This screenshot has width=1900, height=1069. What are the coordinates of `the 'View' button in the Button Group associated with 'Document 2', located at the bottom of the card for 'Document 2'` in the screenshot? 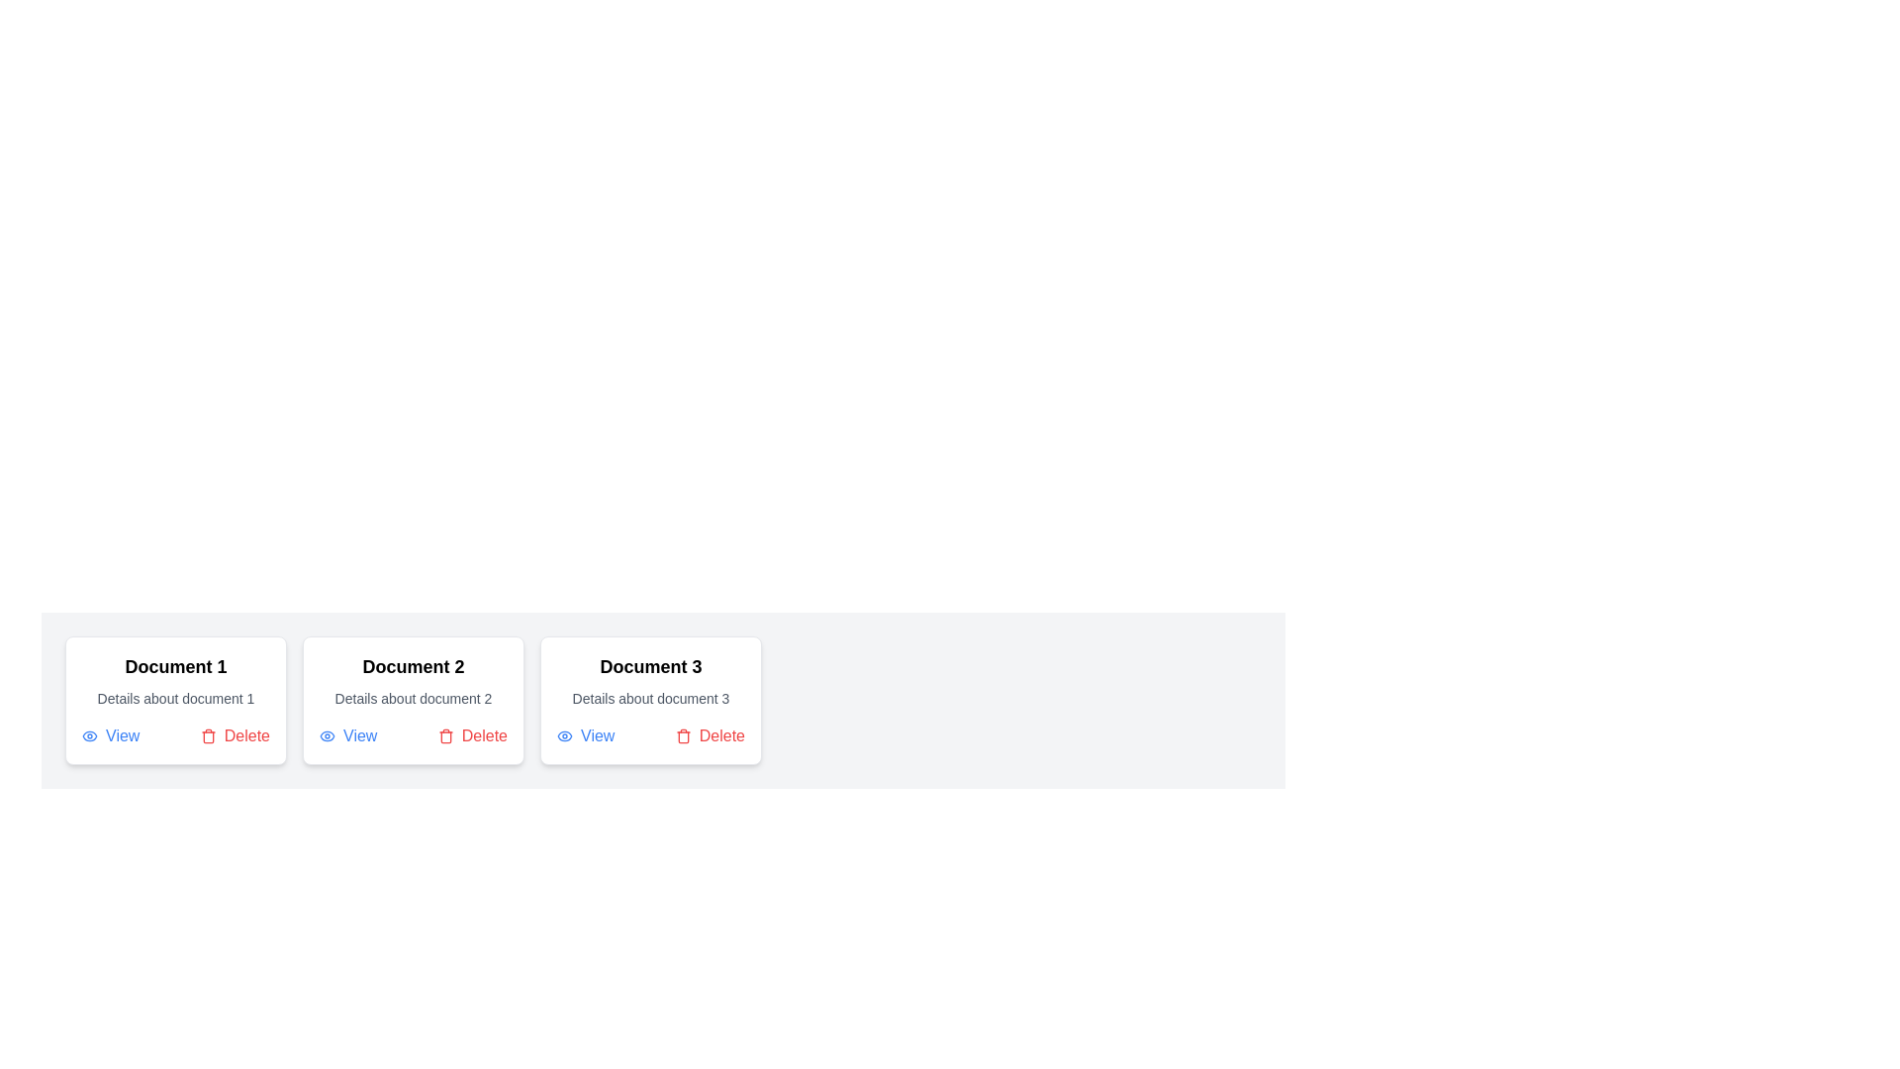 It's located at (412, 736).